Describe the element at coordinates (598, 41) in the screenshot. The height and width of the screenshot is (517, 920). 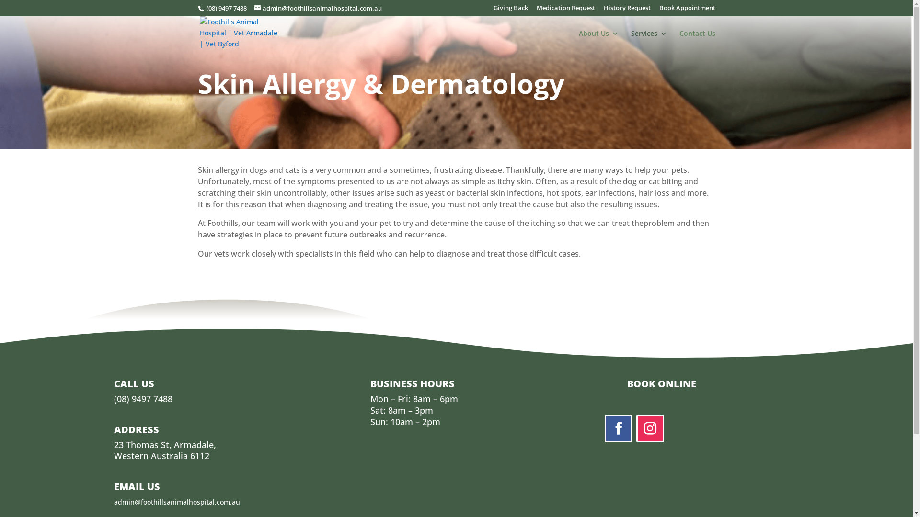
I see `'About Us'` at that location.